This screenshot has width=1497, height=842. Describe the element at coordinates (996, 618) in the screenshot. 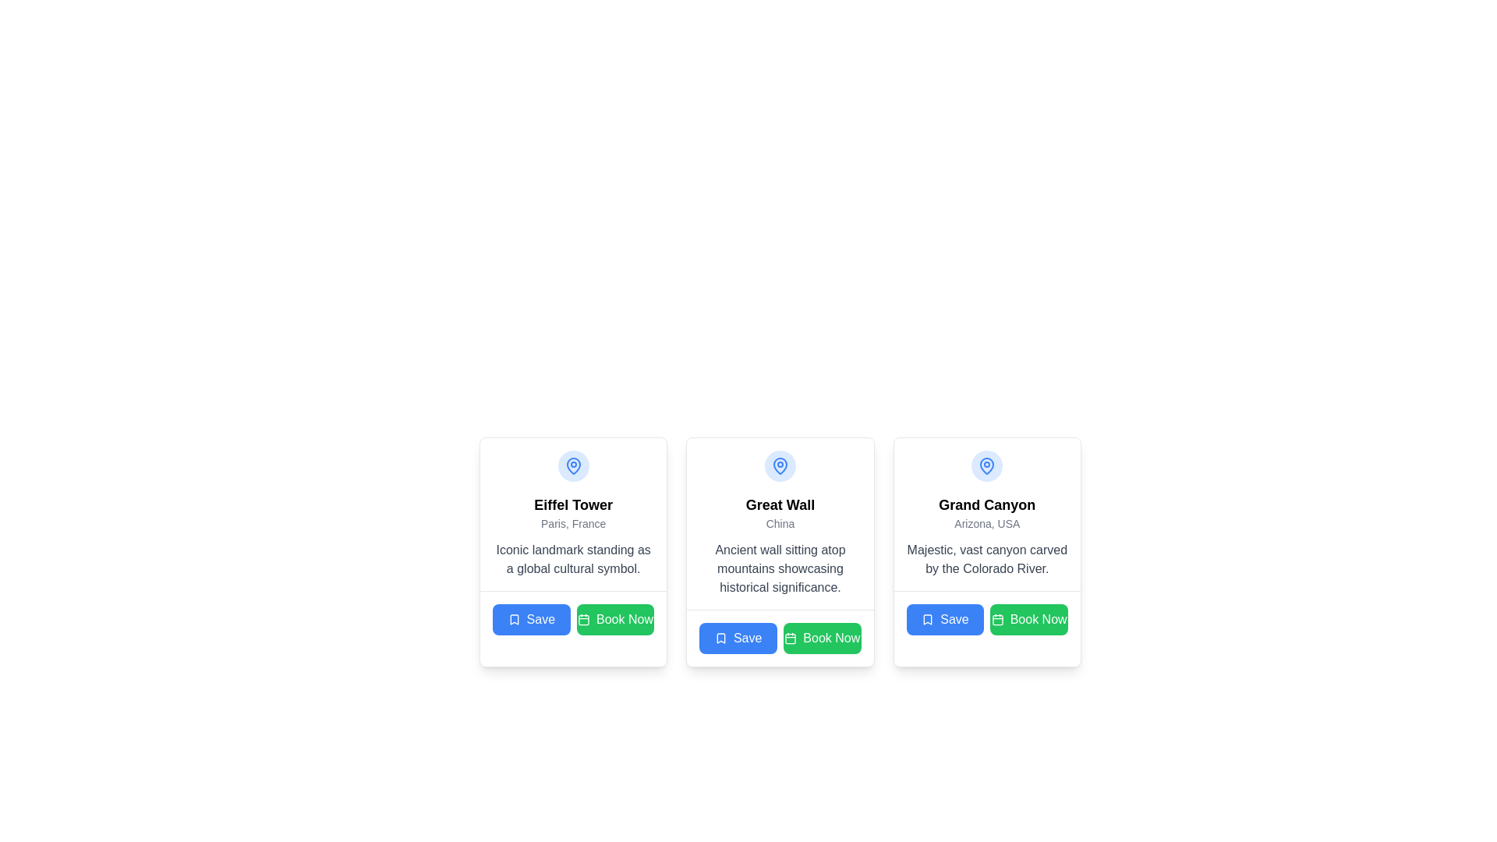

I see `the calendar icon with a green background and white outlines, located within the 'Book Now' button of the third card in the landmarks layout` at that location.